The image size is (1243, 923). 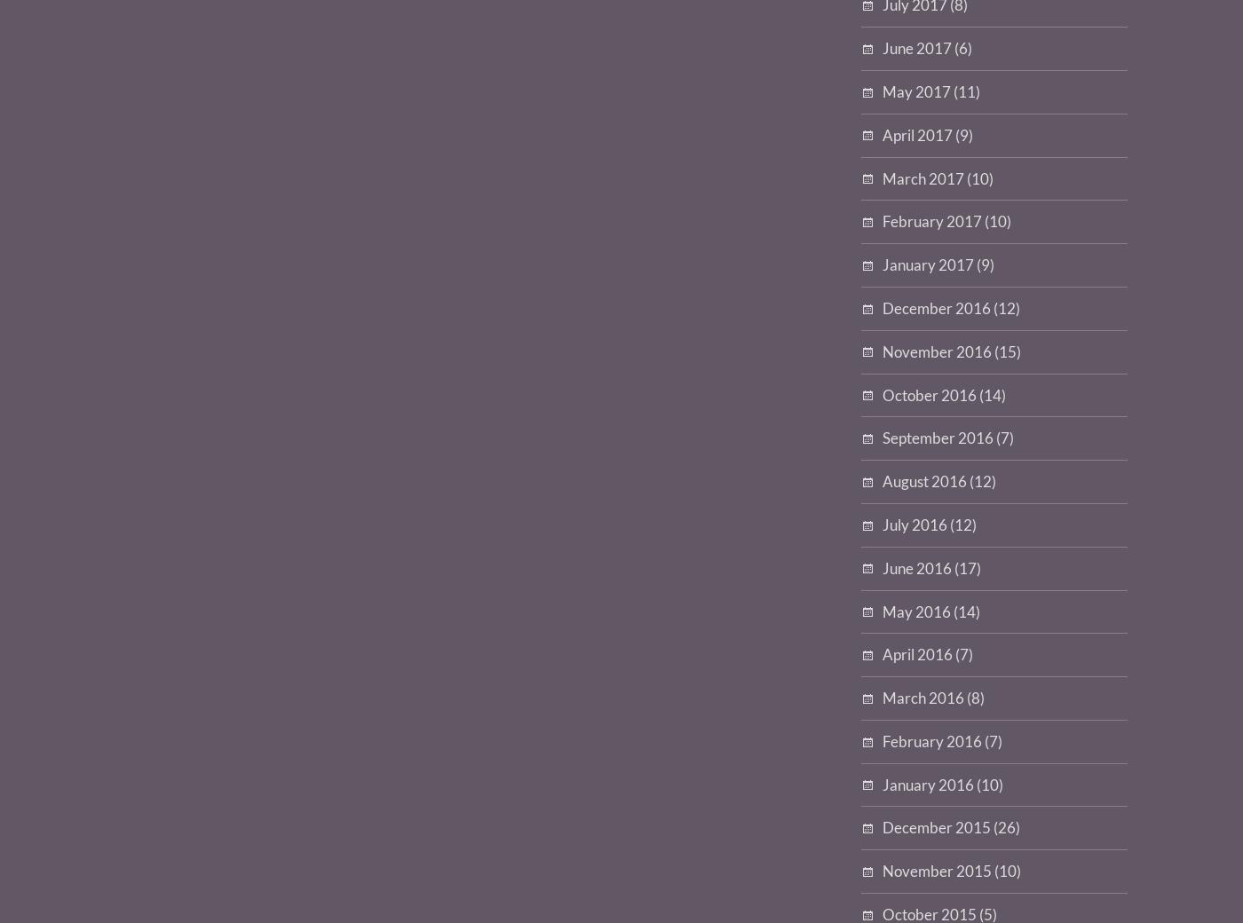 What do you see at coordinates (1006, 351) in the screenshot?
I see `'(15)'` at bounding box center [1006, 351].